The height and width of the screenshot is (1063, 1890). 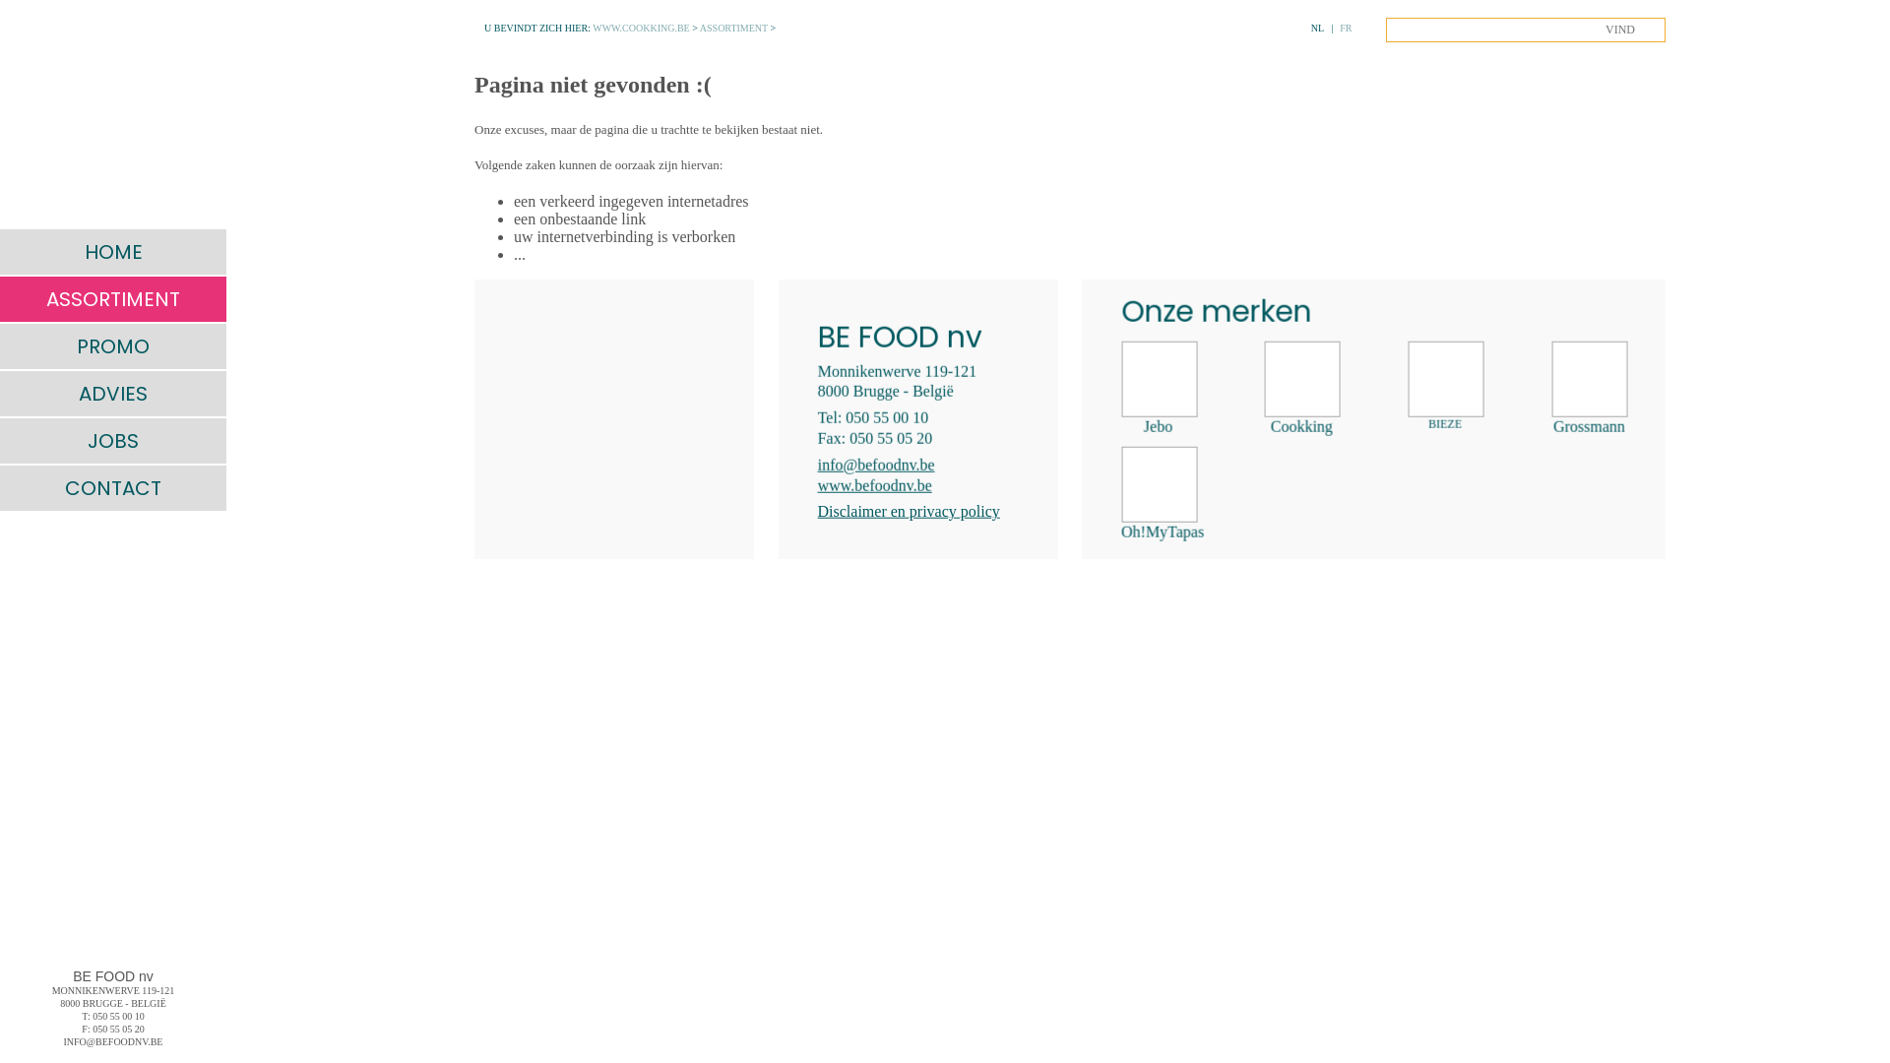 I want to click on ' Grossmann', so click(x=1551, y=388).